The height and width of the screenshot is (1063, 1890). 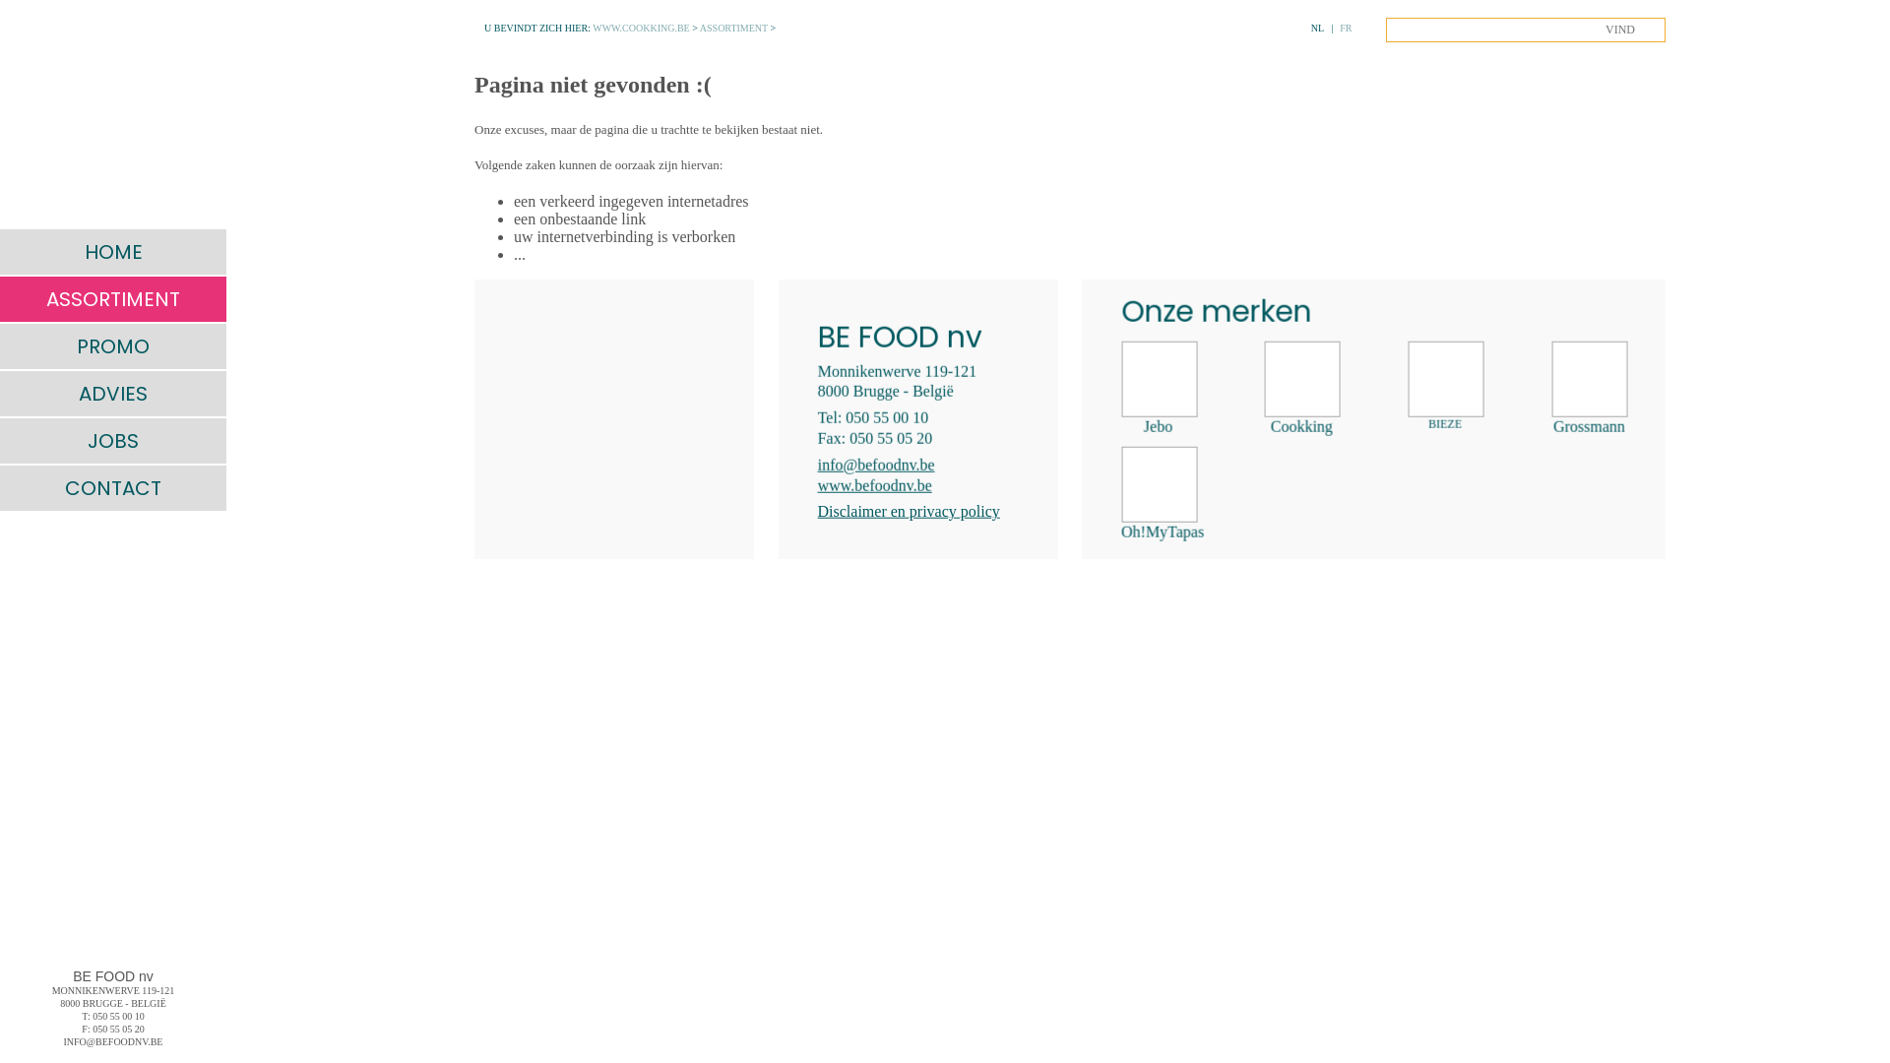 I want to click on ' Grossmann', so click(x=1551, y=388).